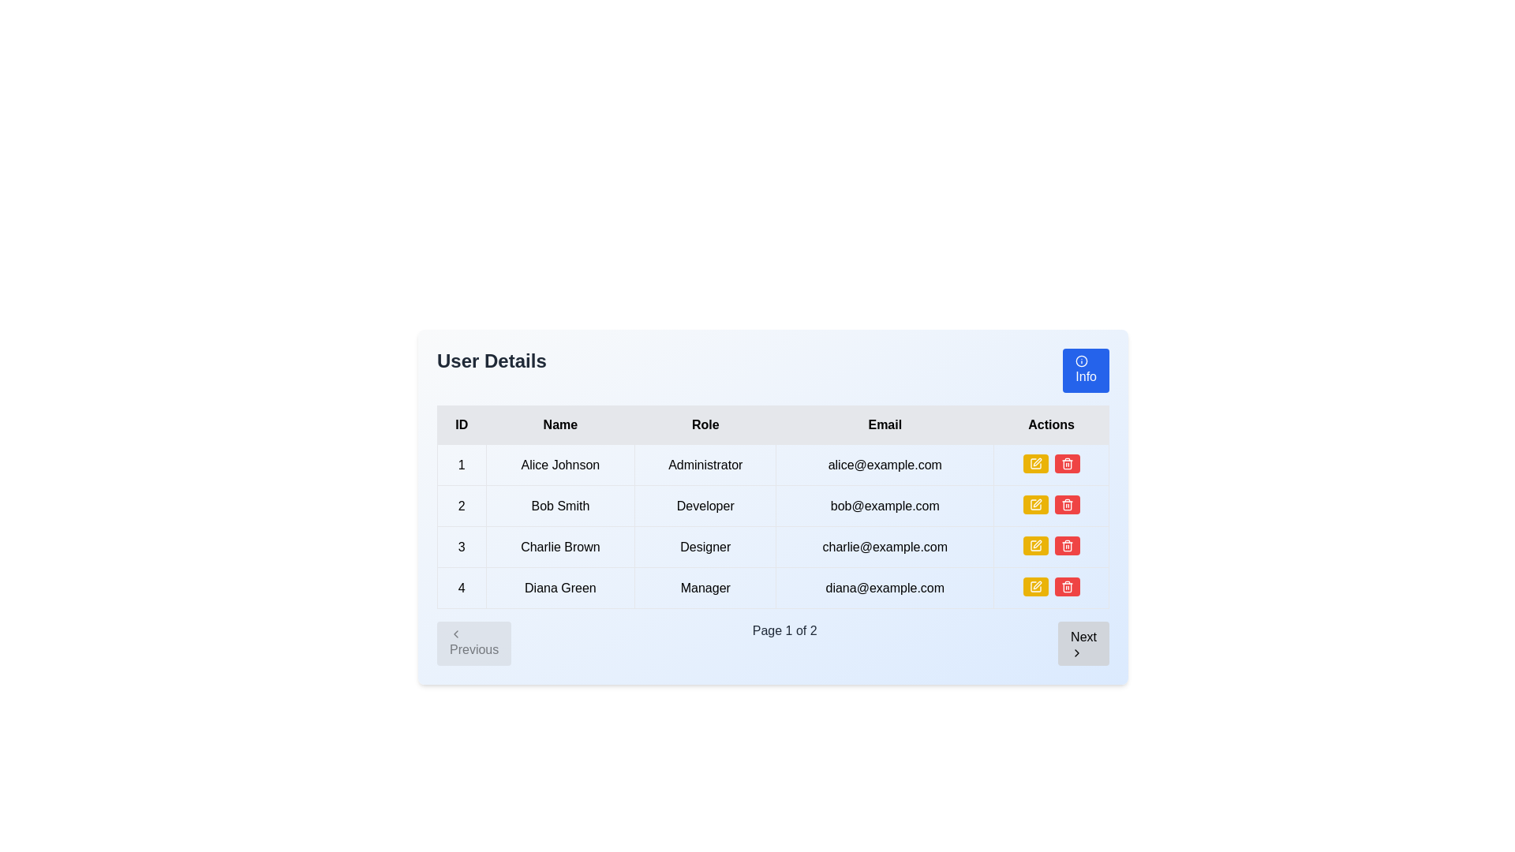 The height and width of the screenshot is (852, 1515). What do you see at coordinates (454, 633) in the screenshot?
I see `the left chevron arrow icon within the 'Previous' button` at bounding box center [454, 633].